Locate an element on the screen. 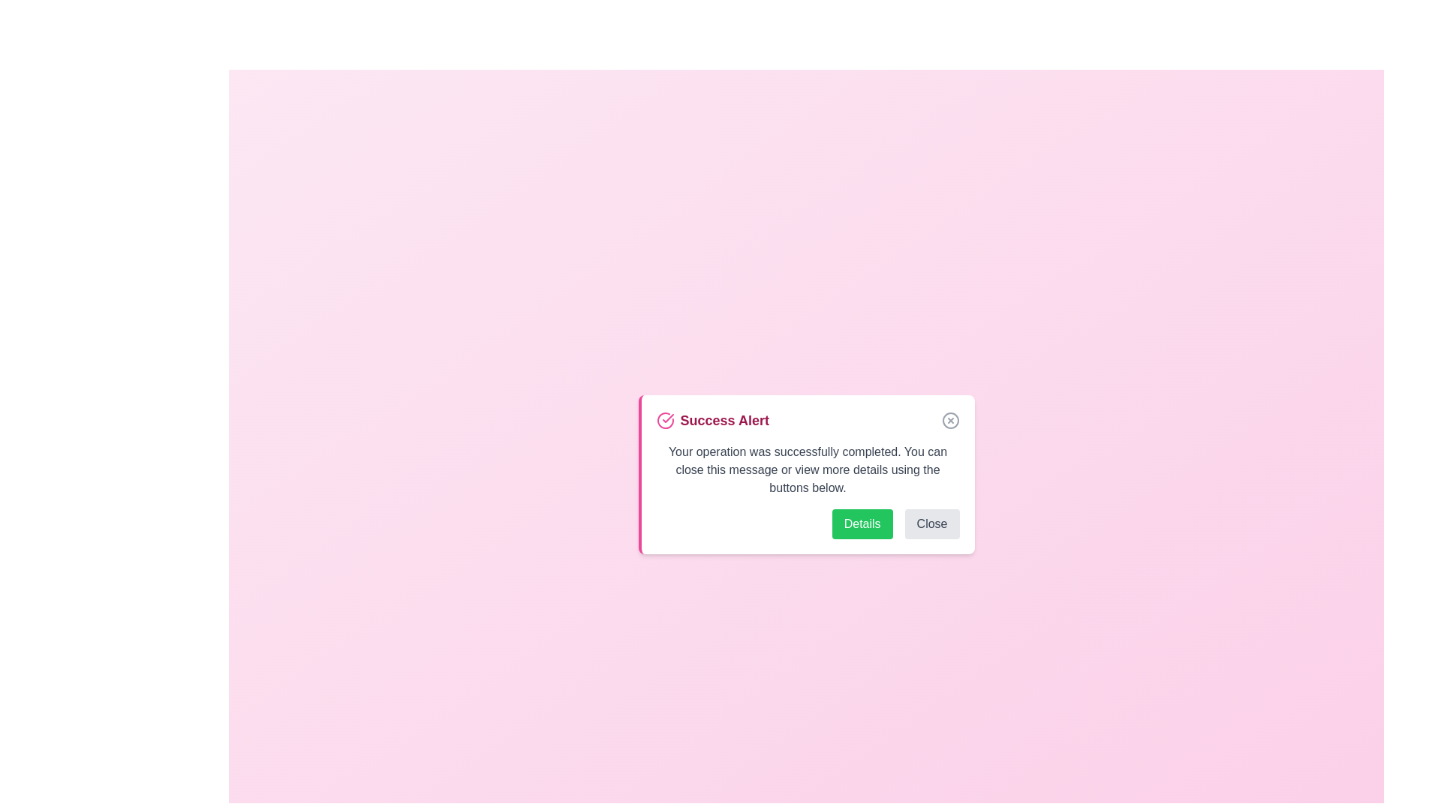 The height and width of the screenshot is (810, 1441). the pink gradient background outside the alert box is located at coordinates (375, 225).